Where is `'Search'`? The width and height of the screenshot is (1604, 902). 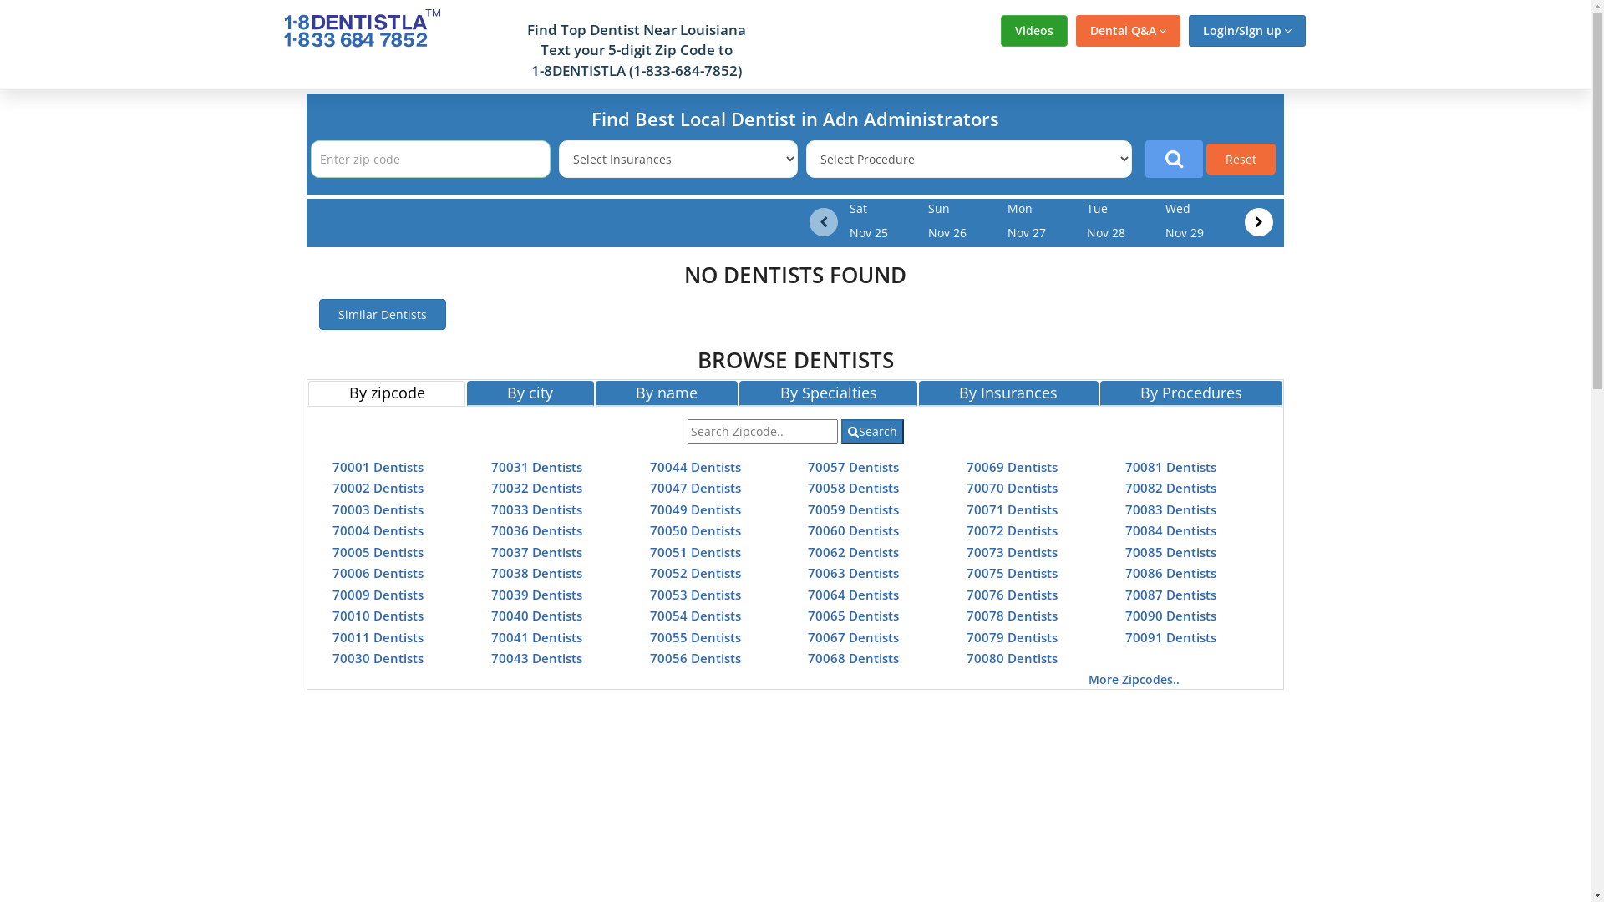 'Search' is located at coordinates (871, 430).